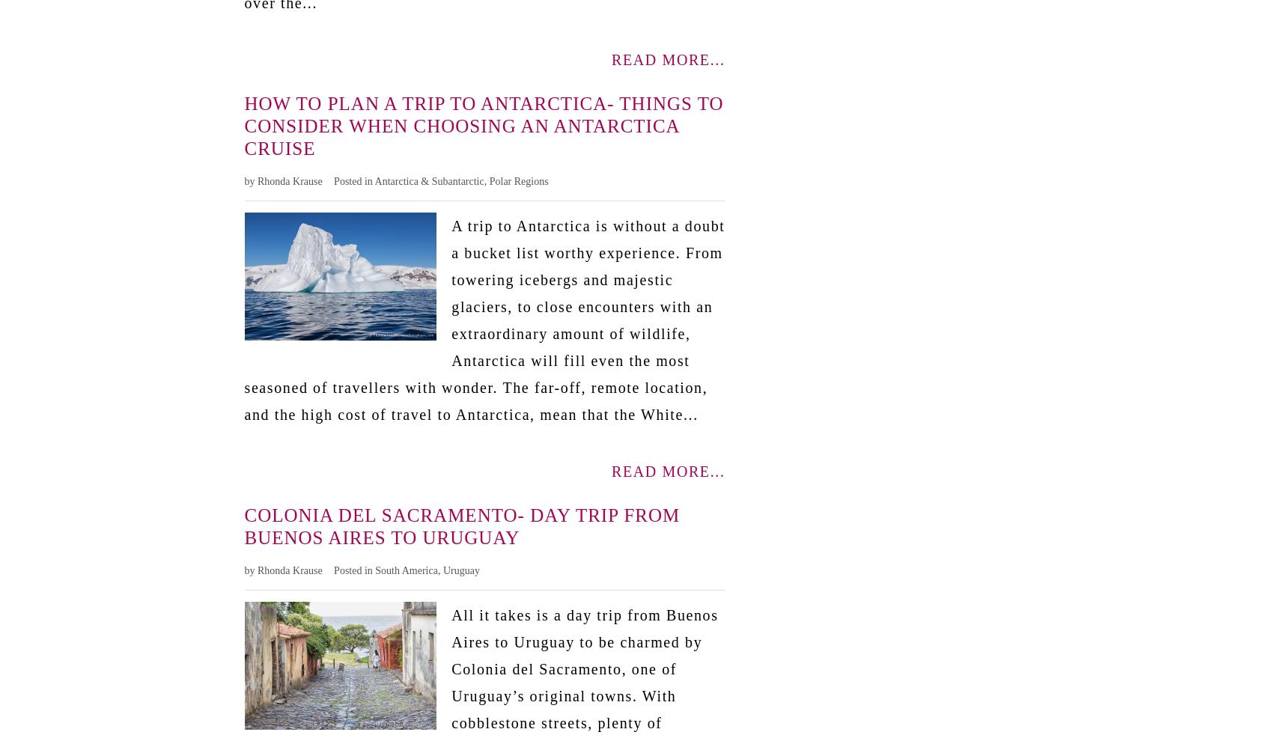 The height and width of the screenshot is (741, 1269). What do you see at coordinates (518, 180) in the screenshot?
I see `'Polar Regions'` at bounding box center [518, 180].